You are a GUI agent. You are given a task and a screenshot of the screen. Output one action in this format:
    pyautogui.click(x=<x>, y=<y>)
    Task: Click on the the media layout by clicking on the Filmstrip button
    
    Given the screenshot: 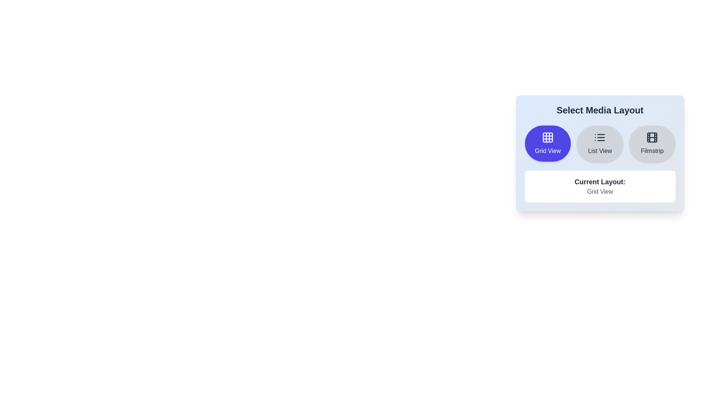 What is the action you would take?
    pyautogui.click(x=652, y=144)
    